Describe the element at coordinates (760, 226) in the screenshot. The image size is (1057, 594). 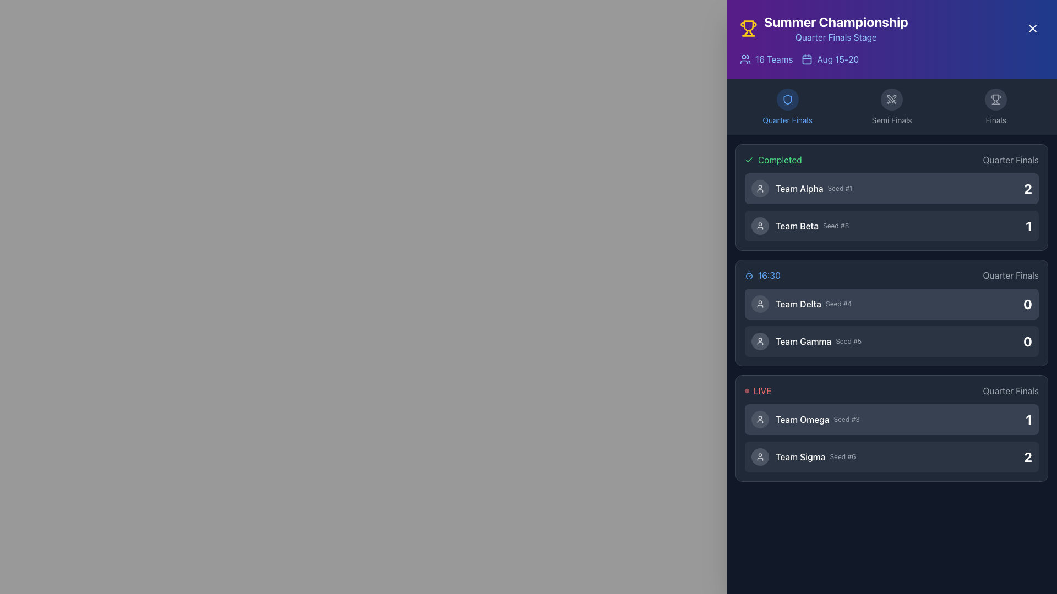
I see `the Profile Icon located to the left of 'Team Beta'` at that location.